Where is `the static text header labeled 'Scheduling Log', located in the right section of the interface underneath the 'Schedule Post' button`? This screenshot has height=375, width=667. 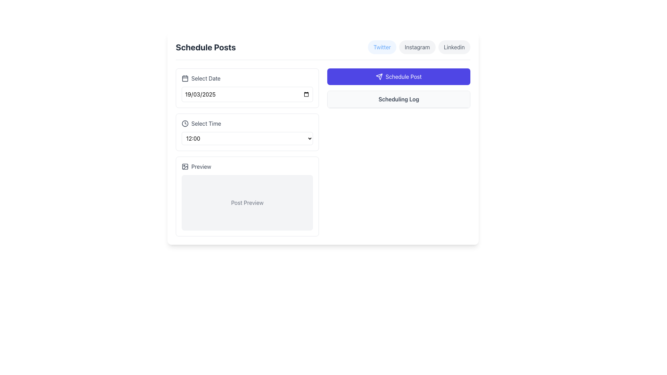 the static text header labeled 'Scheduling Log', located in the right section of the interface underneath the 'Schedule Post' button is located at coordinates (398, 99).